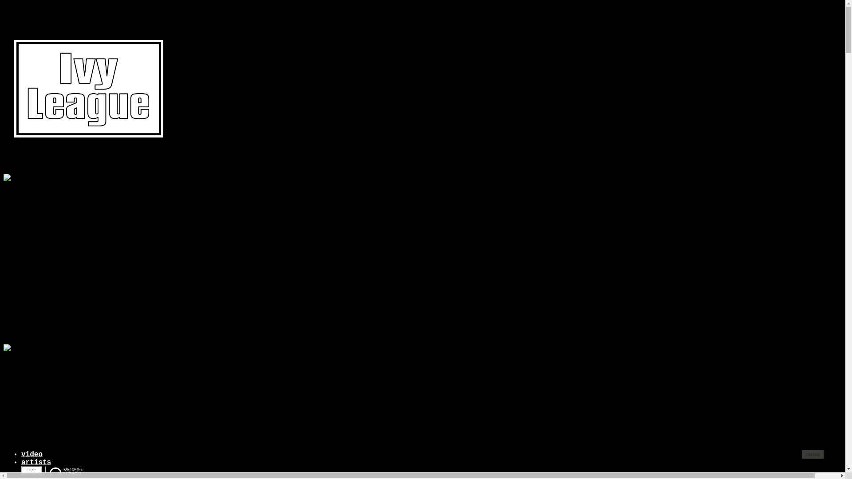 Image resolution: width=852 pixels, height=479 pixels. What do you see at coordinates (32, 455) in the screenshot?
I see `'video'` at bounding box center [32, 455].